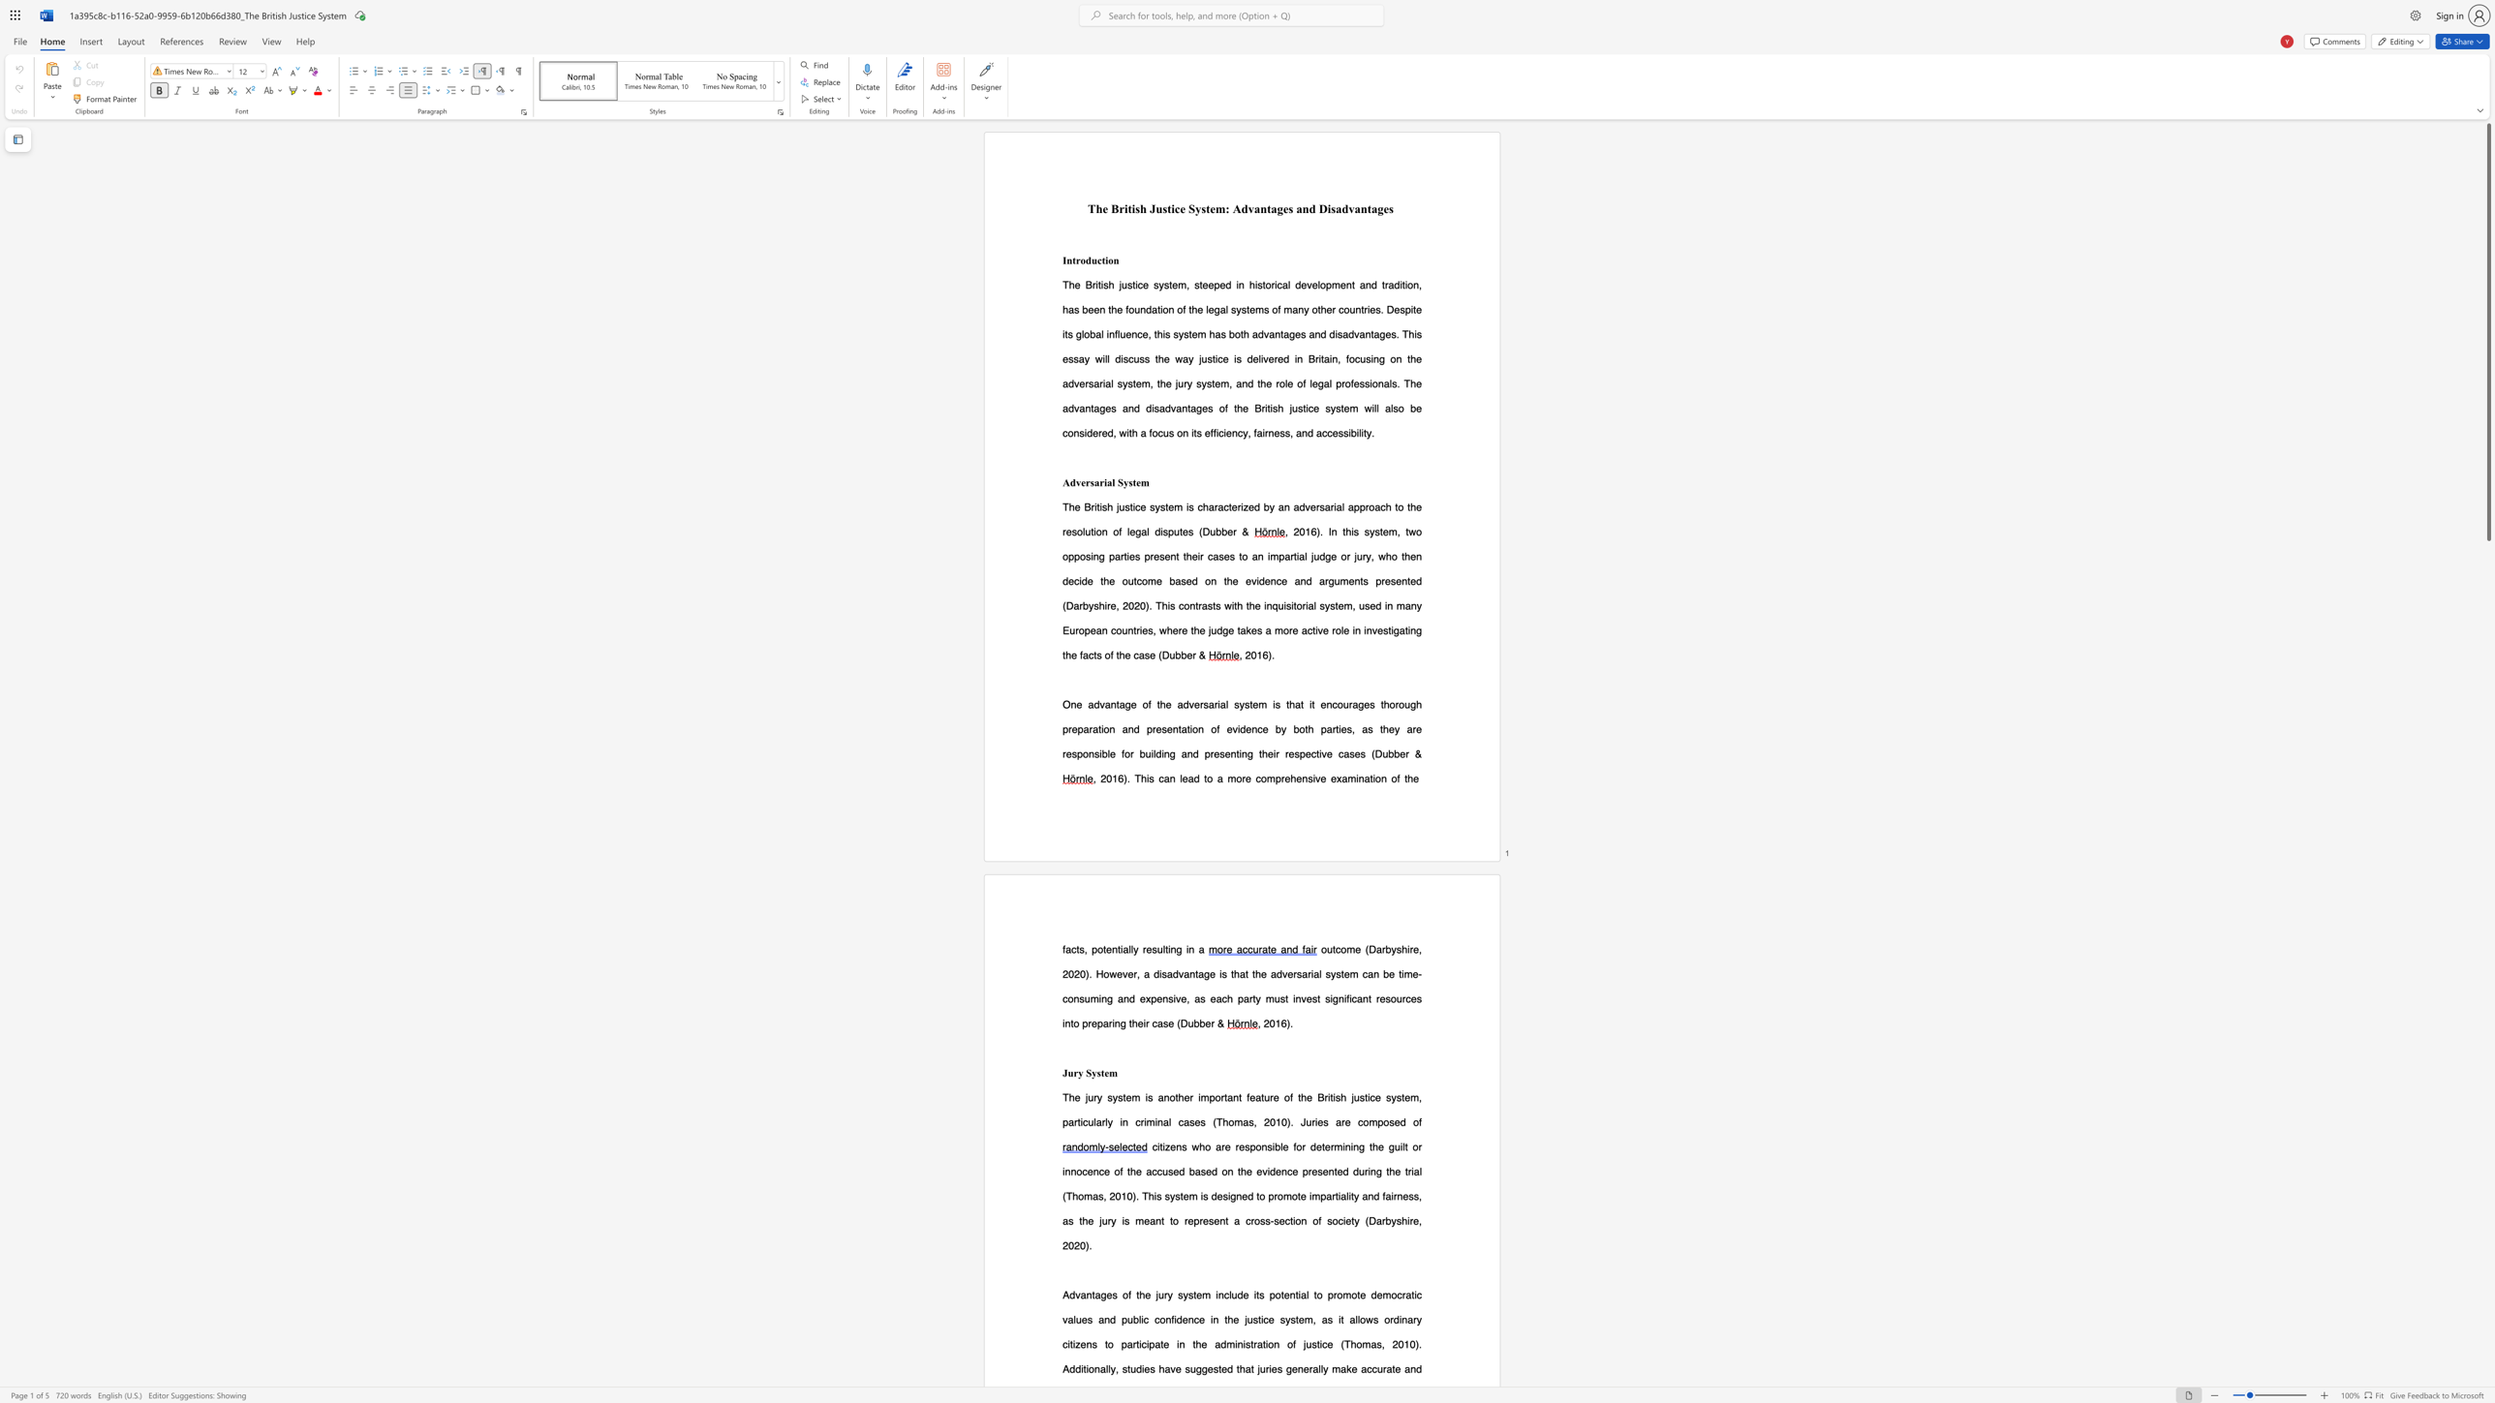 The image size is (2495, 1403). Describe the element at coordinates (1239, 1096) in the screenshot. I see `the 4th character "t" in the text` at that location.